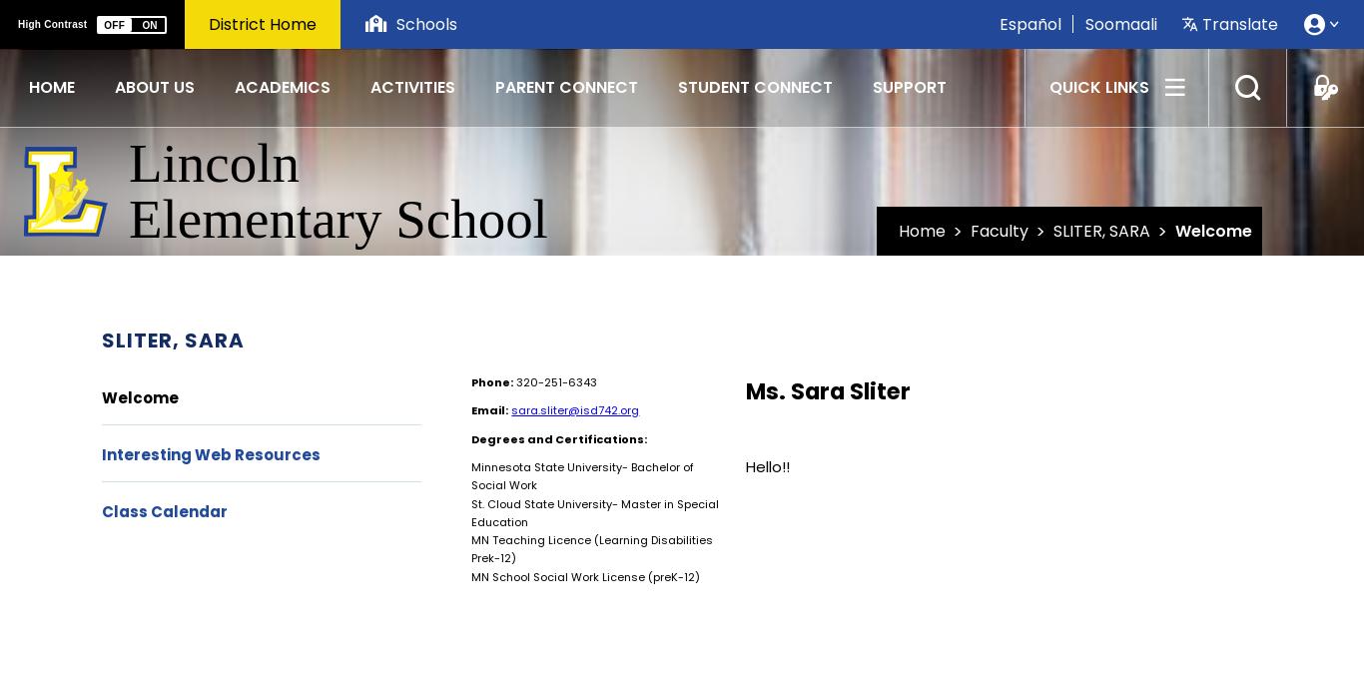 This screenshot has height=674, width=1364. What do you see at coordinates (921, 230) in the screenshot?
I see `'Home'` at bounding box center [921, 230].